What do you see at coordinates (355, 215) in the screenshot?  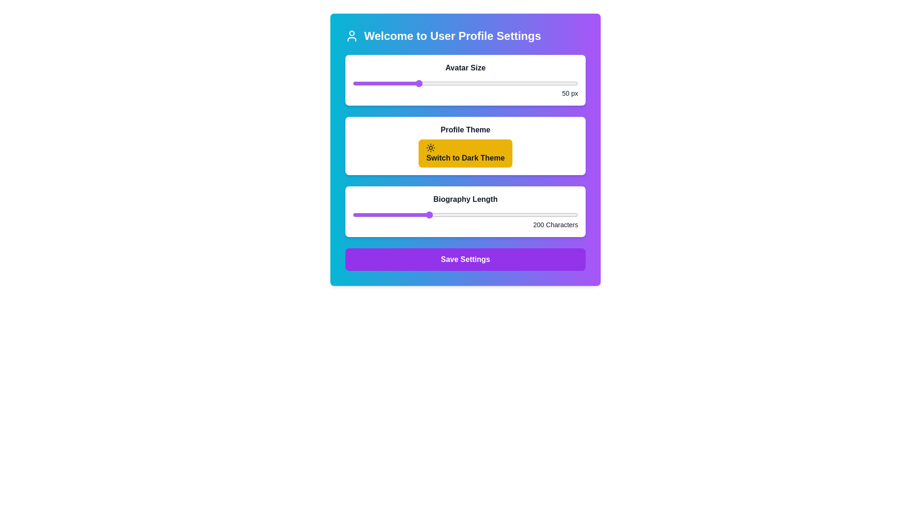 I see `the biography length` at bounding box center [355, 215].